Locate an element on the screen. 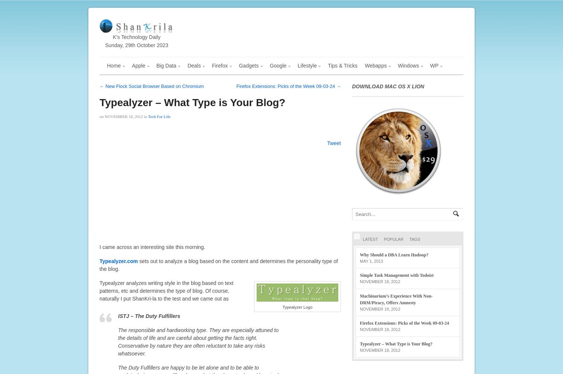 This screenshot has height=374, width=563. 'Gadgets' is located at coordinates (248, 66).